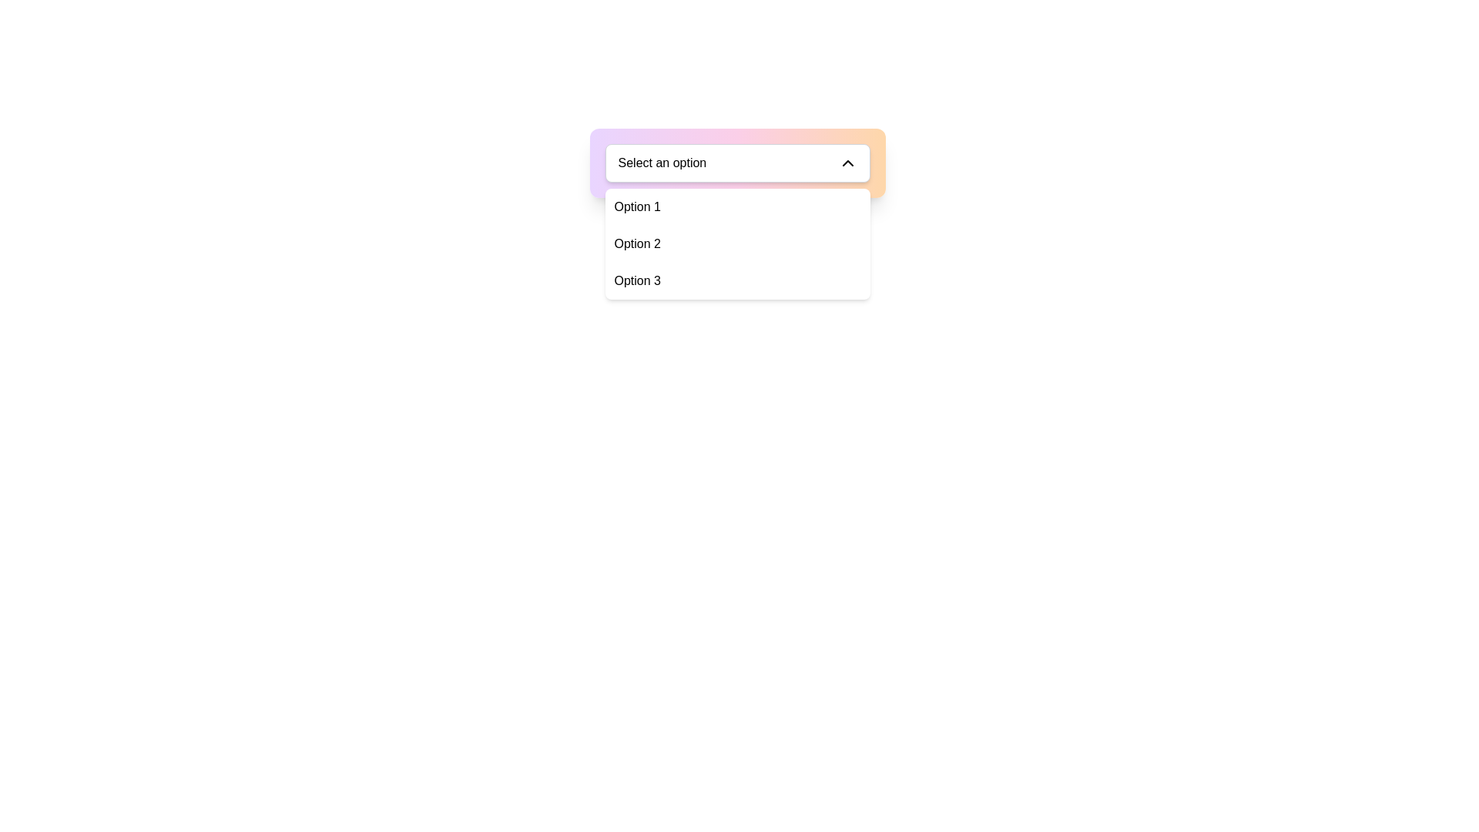  I want to click on the selectable list item 'Option 2', so click(736, 243).